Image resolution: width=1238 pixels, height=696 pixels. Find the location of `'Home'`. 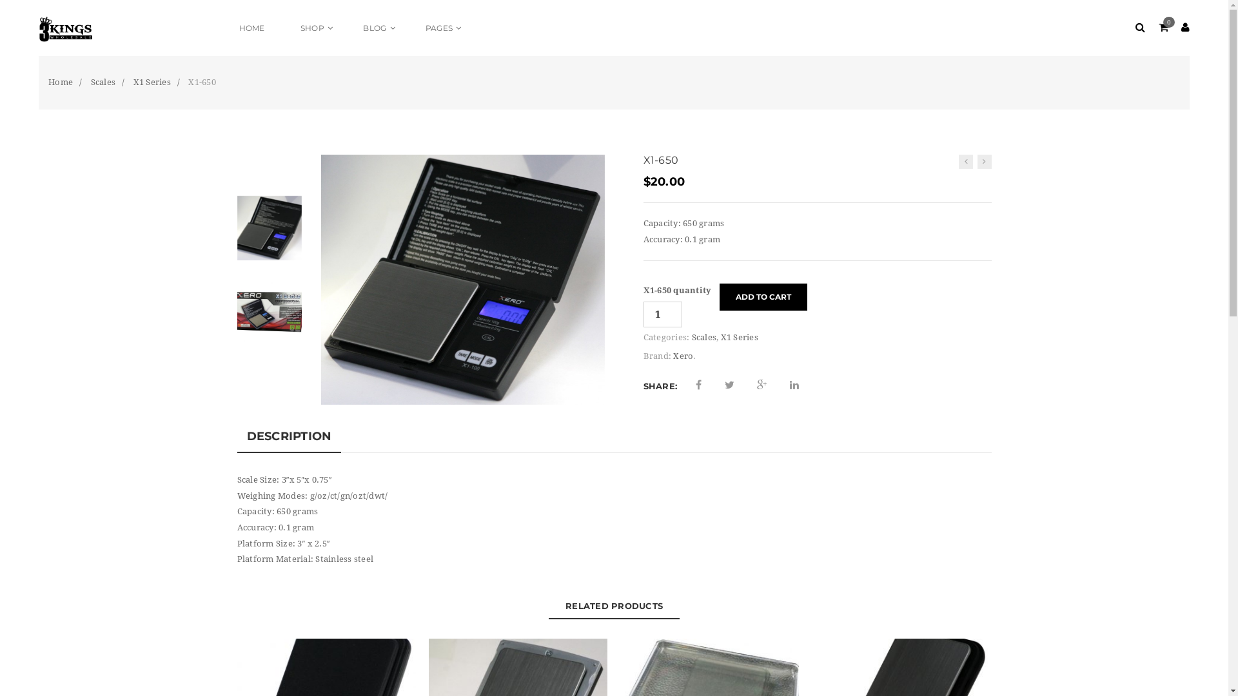

'Home' is located at coordinates (60, 82).